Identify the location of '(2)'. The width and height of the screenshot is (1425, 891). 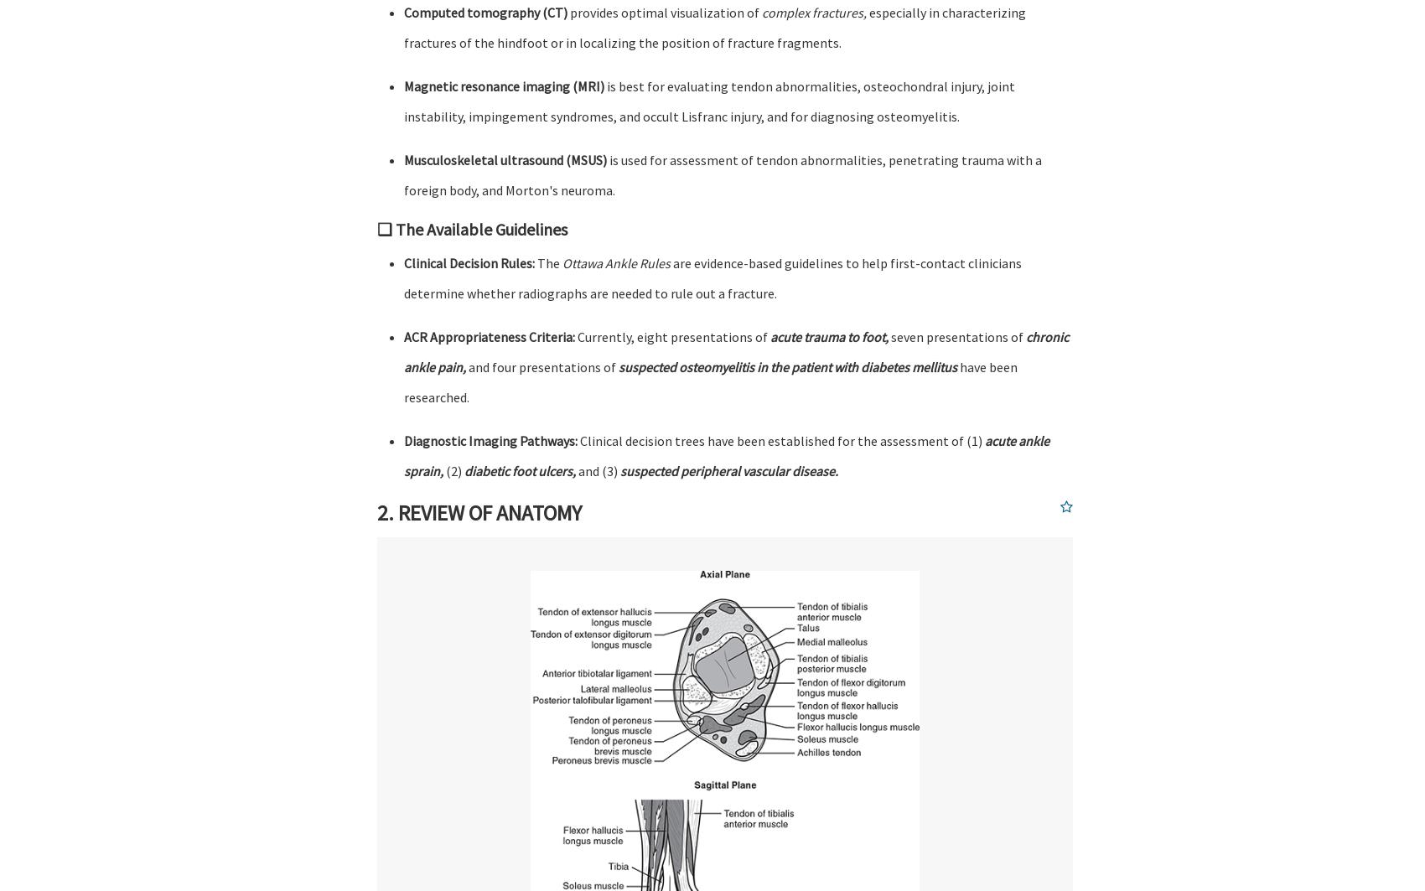
(453, 470).